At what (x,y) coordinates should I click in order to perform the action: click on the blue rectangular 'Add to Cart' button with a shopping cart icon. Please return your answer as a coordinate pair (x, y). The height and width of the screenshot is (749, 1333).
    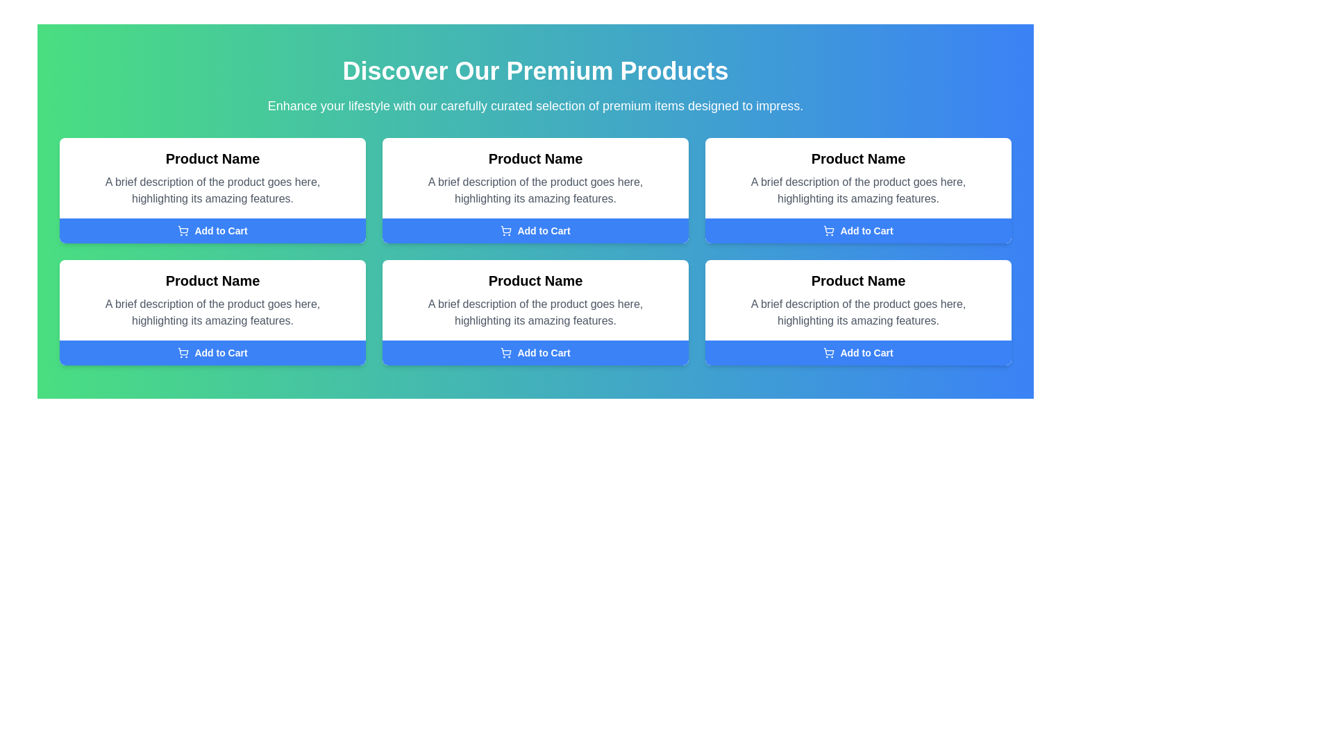
    Looking at the image, I should click on (535, 230).